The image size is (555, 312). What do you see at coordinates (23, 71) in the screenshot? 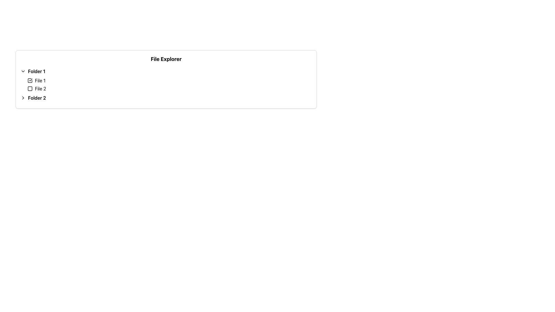
I see `the Dropdown toggle icon located to the left of the 'Folder 1' label` at bounding box center [23, 71].